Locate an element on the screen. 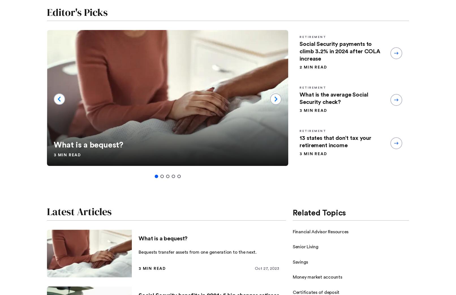 The width and height of the screenshot is (456, 295). 'Financial Advisor Resources' is located at coordinates (321, 231).